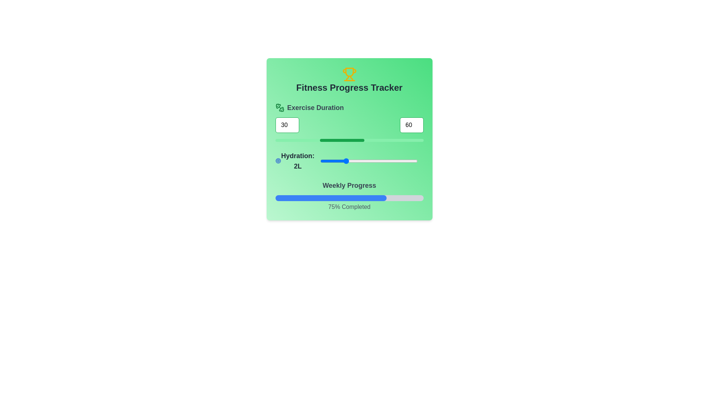  What do you see at coordinates (287, 125) in the screenshot?
I see `the Number input field located within the green-themed 'Fitness Progress Tracker' card under the 'Exercise Duration' label` at bounding box center [287, 125].